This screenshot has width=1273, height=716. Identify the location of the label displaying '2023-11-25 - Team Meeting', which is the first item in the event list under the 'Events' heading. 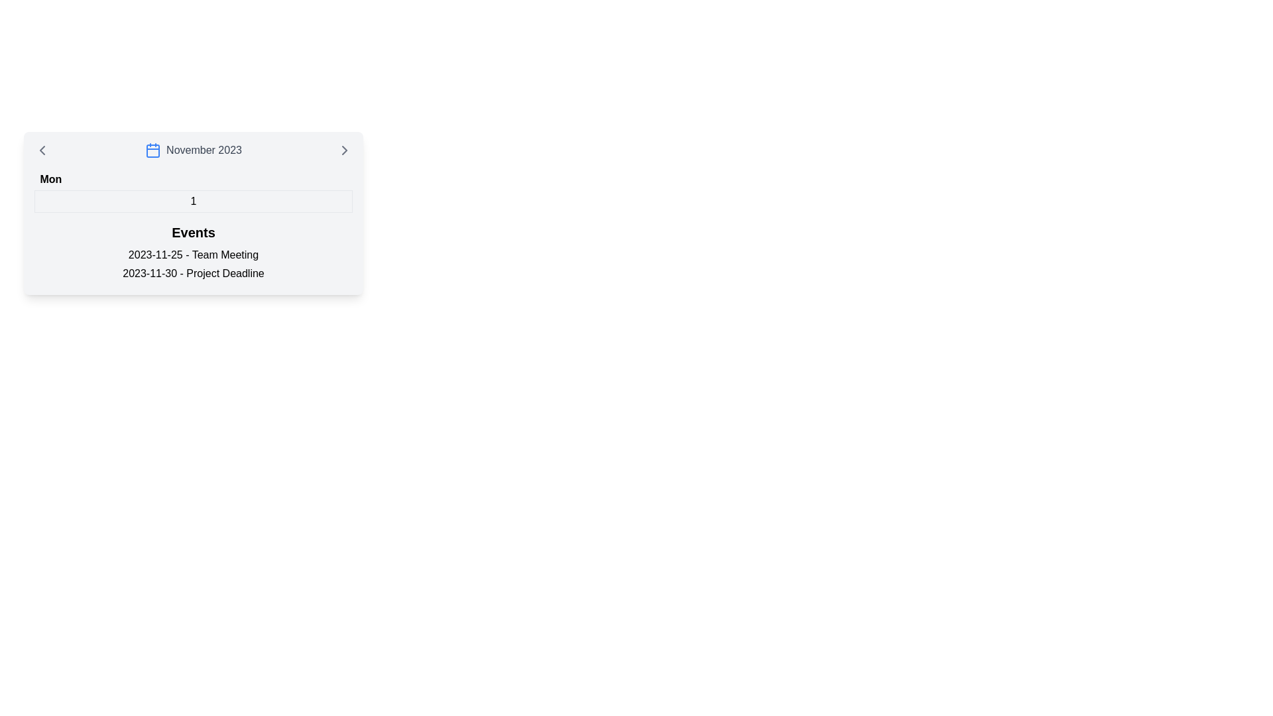
(193, 255).